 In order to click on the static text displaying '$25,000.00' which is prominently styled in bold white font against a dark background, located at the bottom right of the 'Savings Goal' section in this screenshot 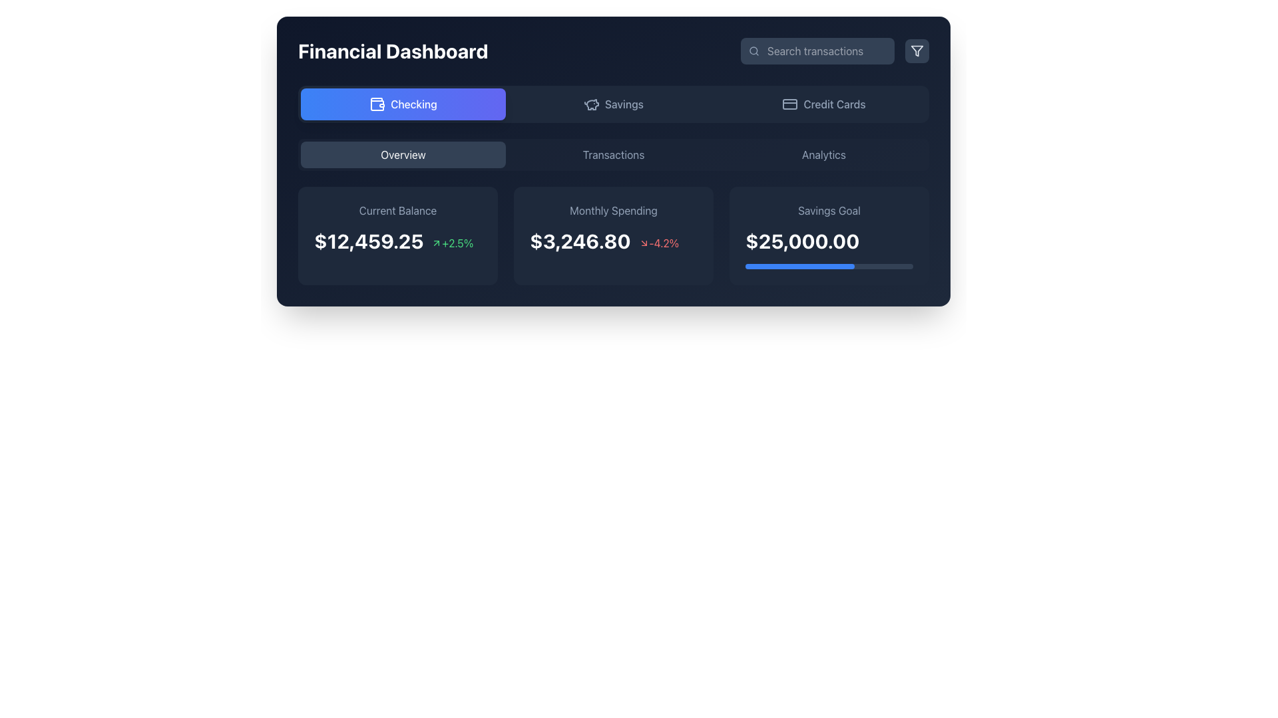, I will do `click(801, 241)`.